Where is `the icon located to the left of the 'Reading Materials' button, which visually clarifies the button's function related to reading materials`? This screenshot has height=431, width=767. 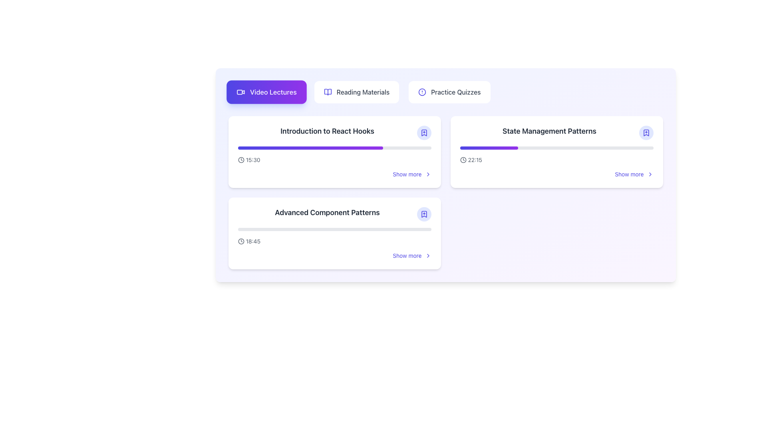
the icon located to the left of the 'Reading Materials' button, which visually clarifies the button's function related to reading materials is located at coordinates (328, 92).